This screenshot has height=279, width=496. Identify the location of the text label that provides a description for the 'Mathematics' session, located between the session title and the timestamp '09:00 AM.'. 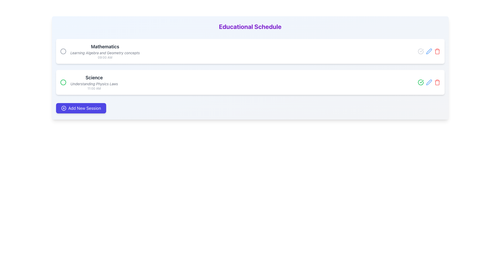
(105, 53).